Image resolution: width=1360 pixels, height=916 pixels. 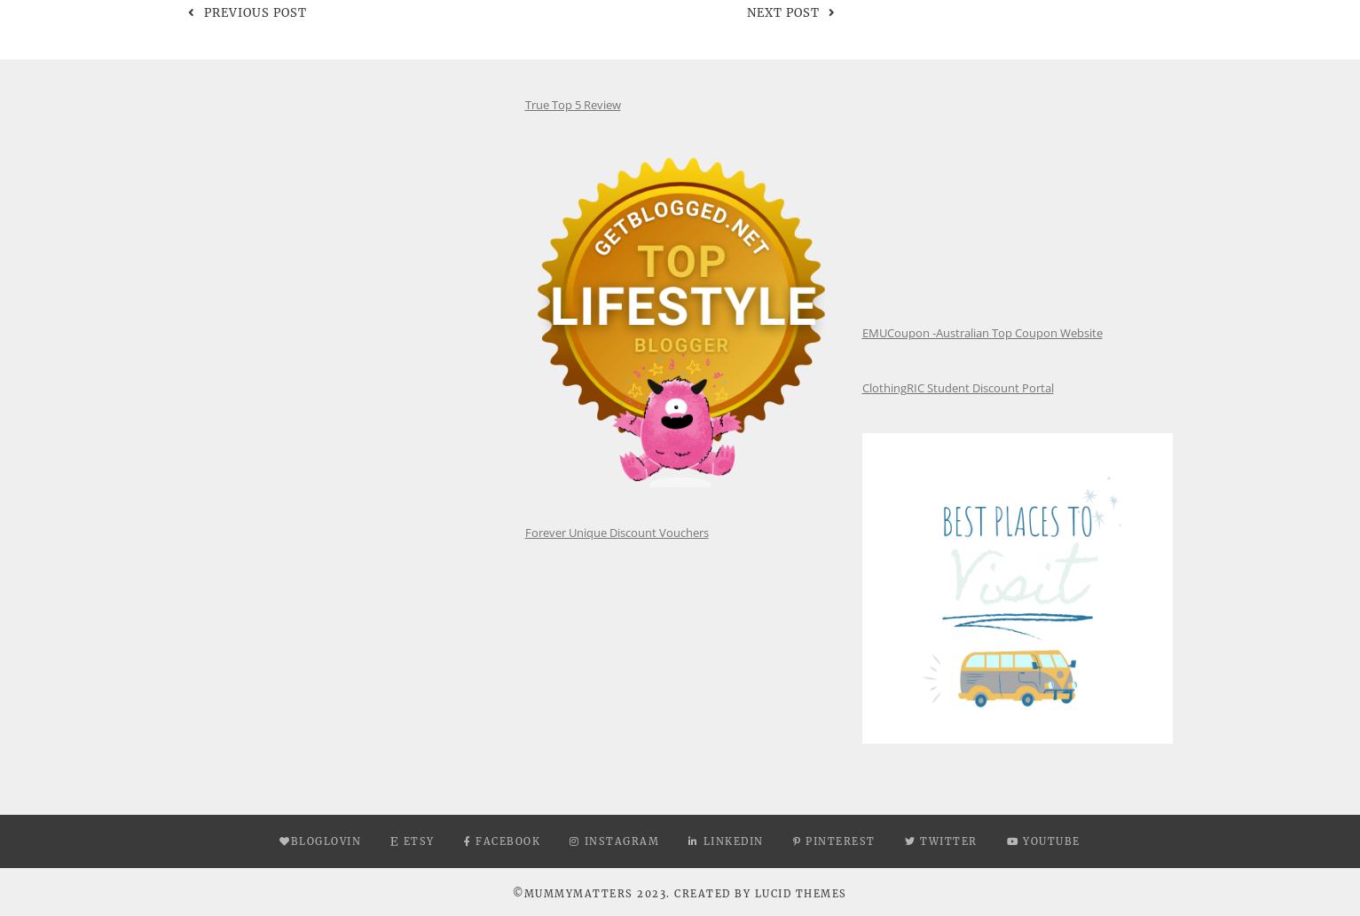 I want to click on 'Previous Post', so click(x=254, y=12).